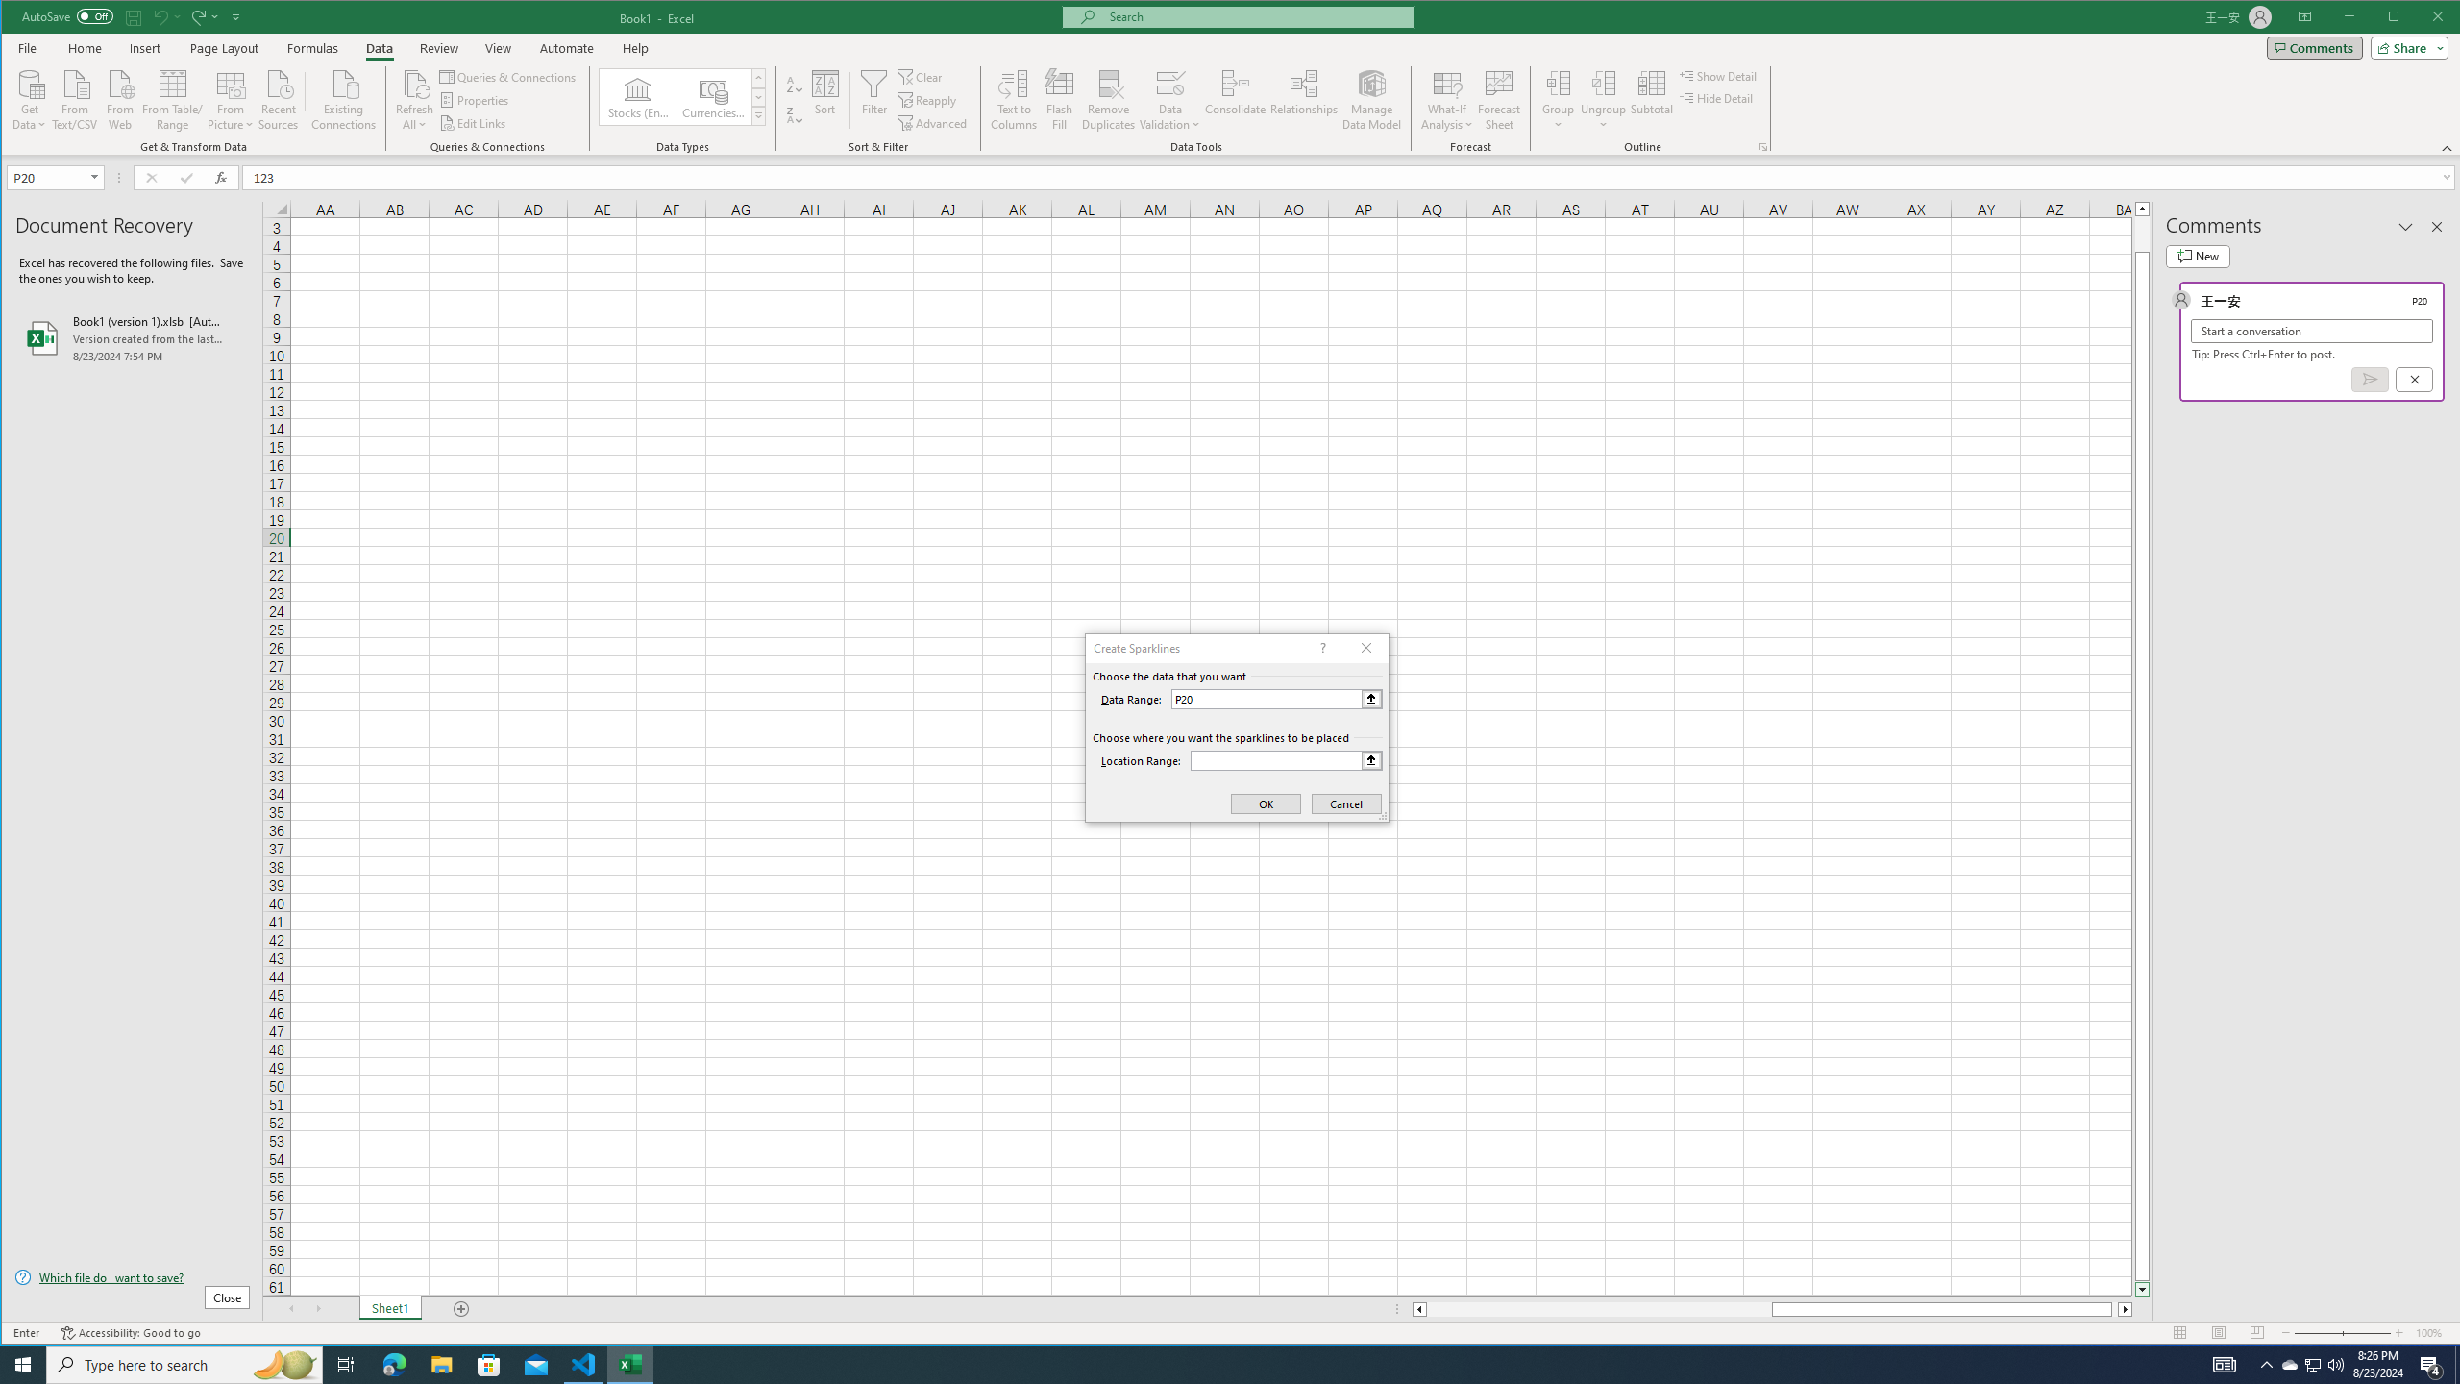 This screenshot has height=1384, width=2460. I want to click on 'Advanced...', so click(933, 122).